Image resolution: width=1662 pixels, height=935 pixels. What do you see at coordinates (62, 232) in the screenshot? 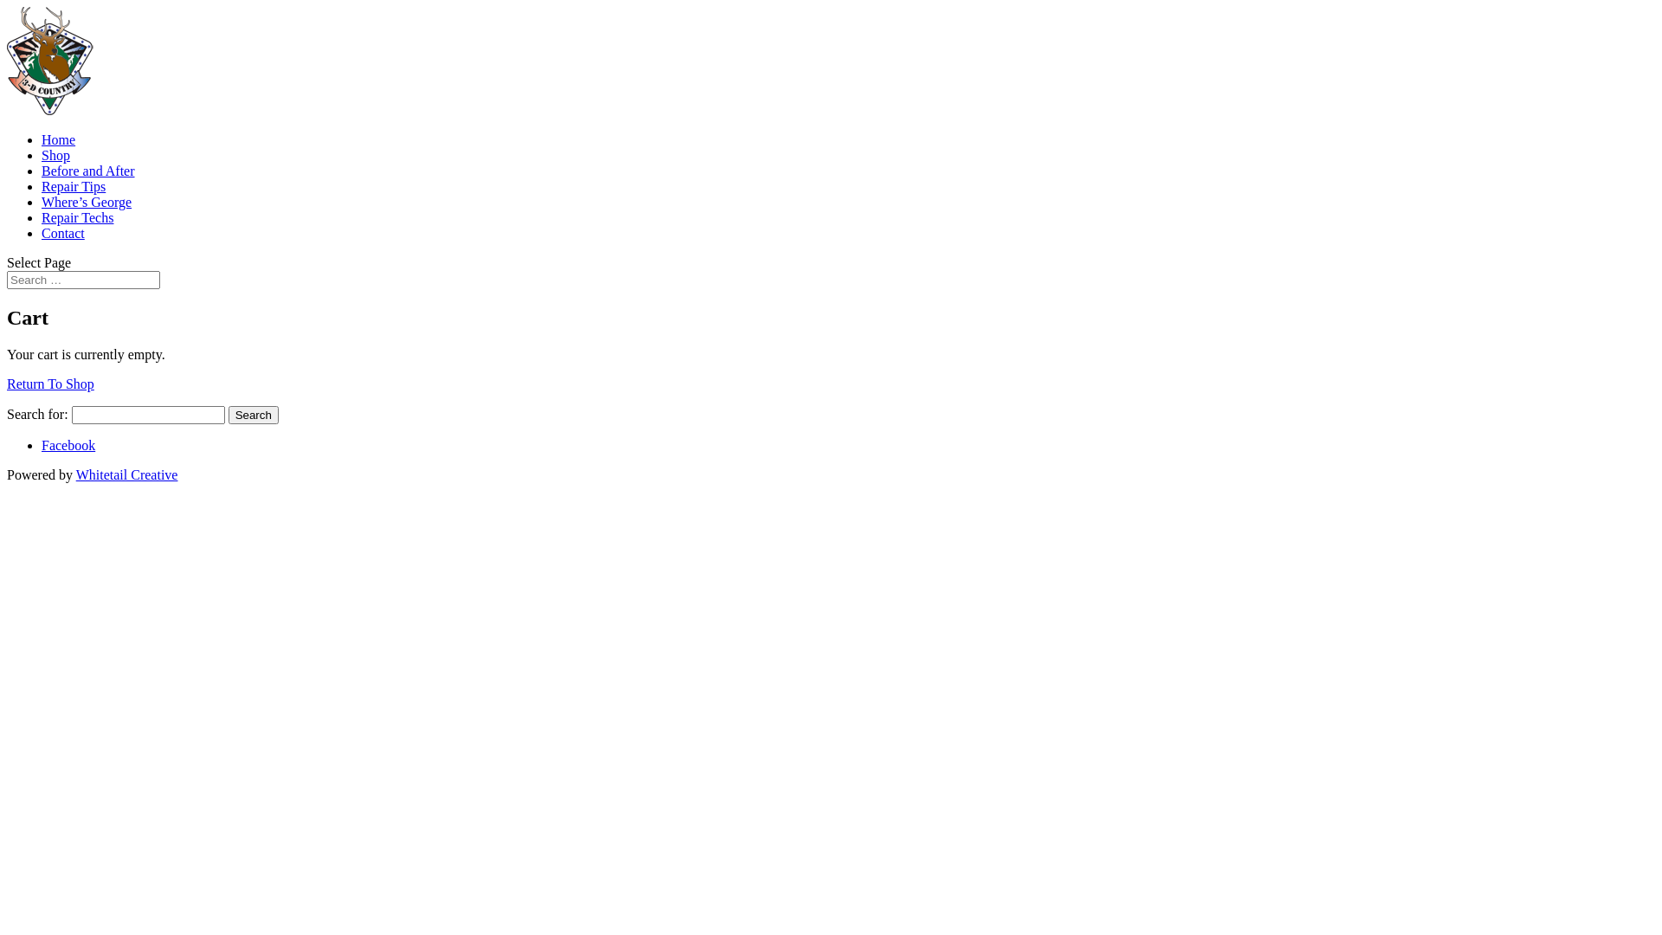
I see `'Contact'` at bounding box center [62, 232].